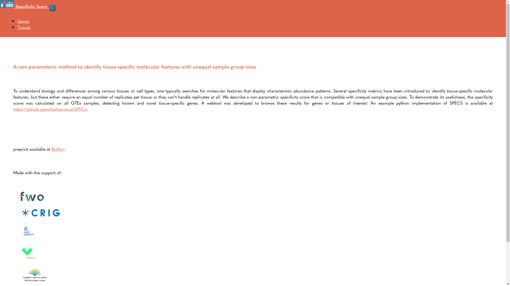 Image resolution: width=510 pixels, height=286 pixels. What do you see at coordinates (24, 27) in the screenshot?
I see `'Tissues'` at bounding box center [24, 27].